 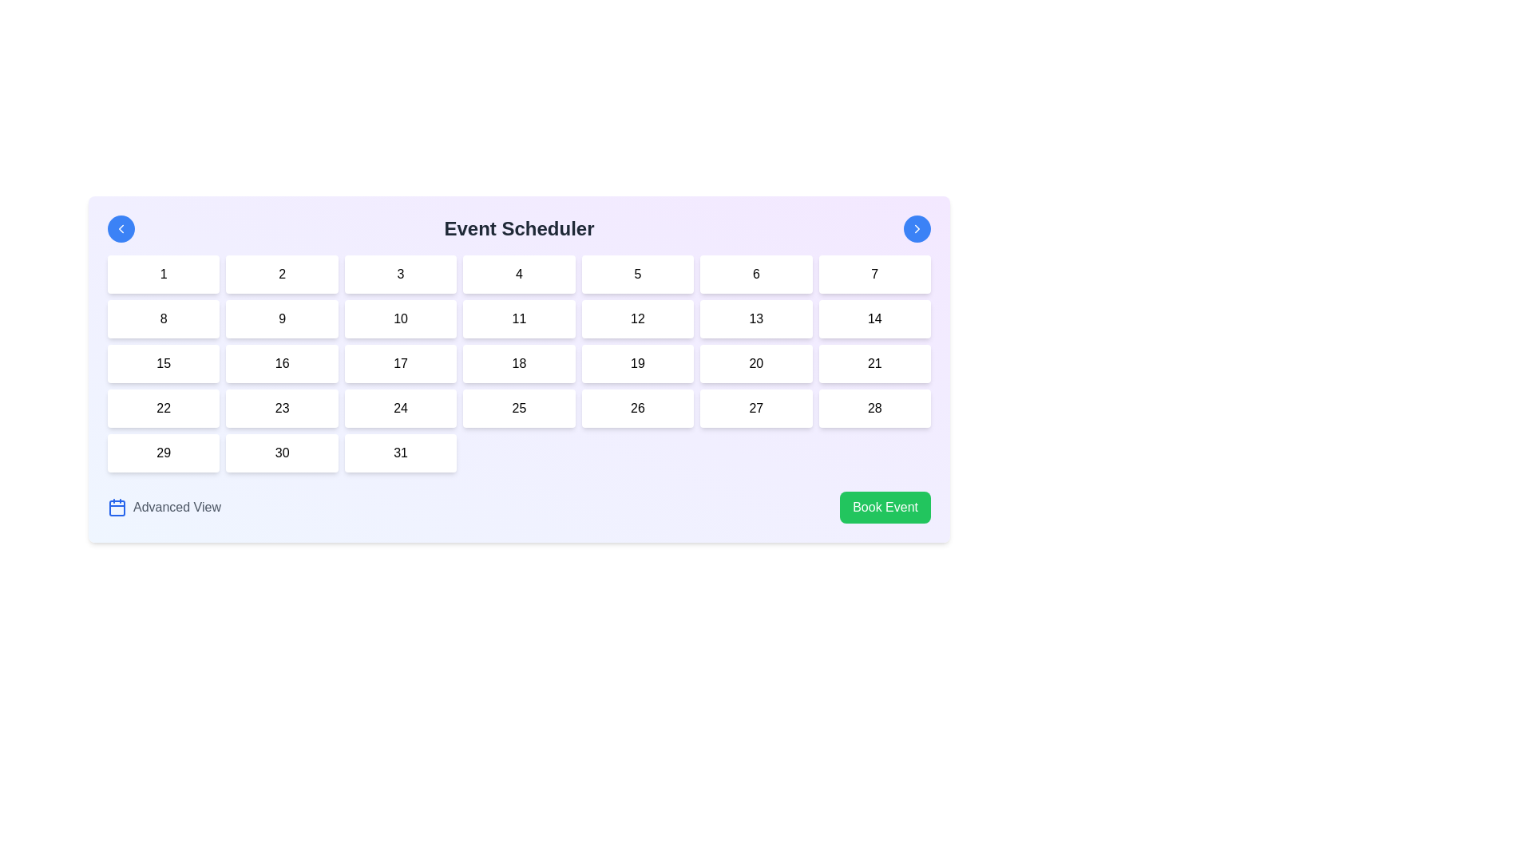 What do you see at coordinates (873, 319) in the screenshot?
I see `the button representing the 14th day of the month in the event scheduler interface` at bounding box center [873, 319].